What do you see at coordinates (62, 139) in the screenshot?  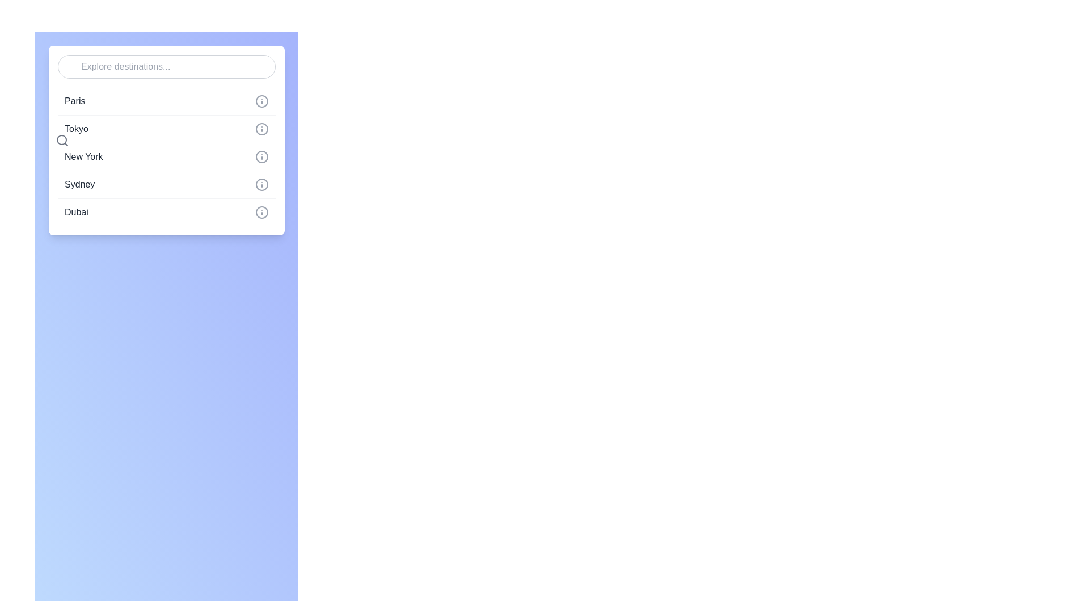 I see `the search icon representing the search functionality located to the left of the text 'Tokyo' in the second row of the list` at bounding box center [62, 139].